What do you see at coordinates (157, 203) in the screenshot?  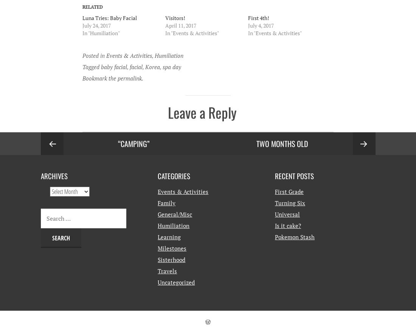 I see `'Family'` at bounding box center [157, 203].